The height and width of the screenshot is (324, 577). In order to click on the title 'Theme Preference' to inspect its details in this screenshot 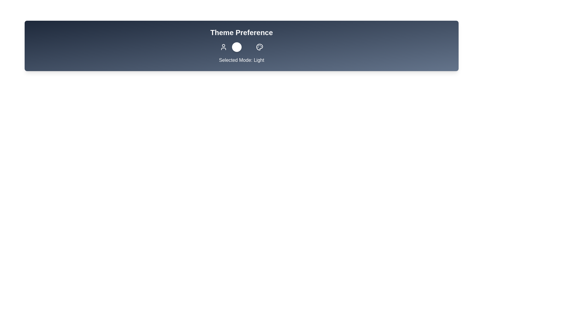, I will do `click(241, 32)`.